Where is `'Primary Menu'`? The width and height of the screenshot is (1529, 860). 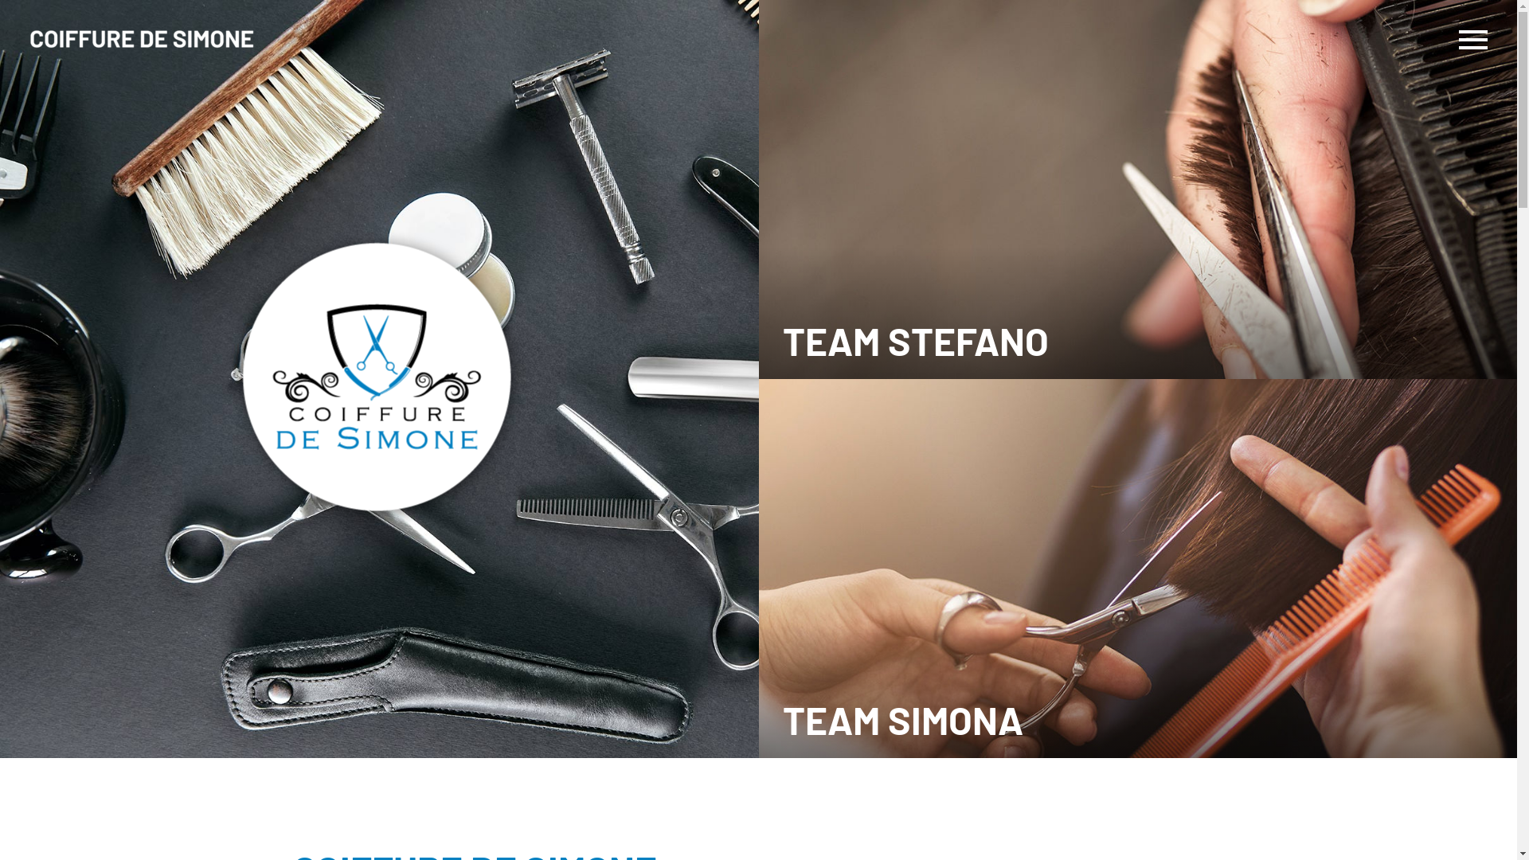 'Primary Menu' is located at coordinates (1472, 39).